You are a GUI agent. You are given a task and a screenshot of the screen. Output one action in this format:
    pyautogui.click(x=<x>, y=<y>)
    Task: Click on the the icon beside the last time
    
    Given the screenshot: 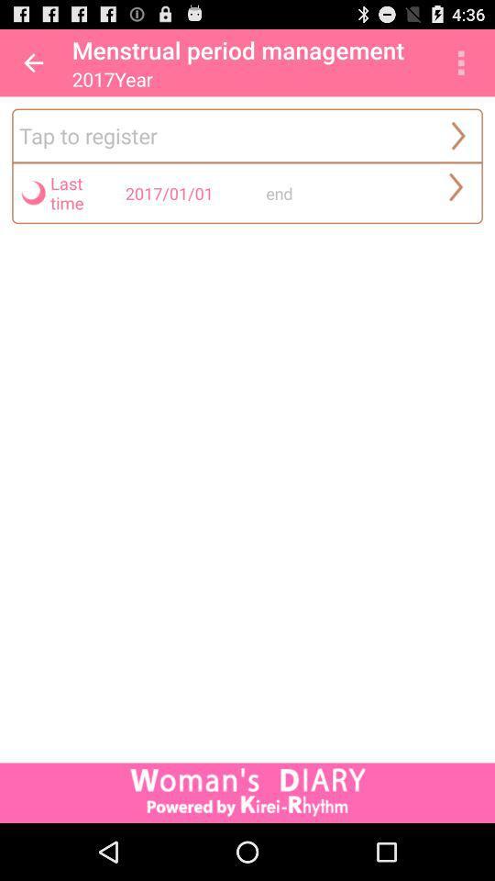 What is the action you would take?
    pyautogui.click(x=33, y=193)
    